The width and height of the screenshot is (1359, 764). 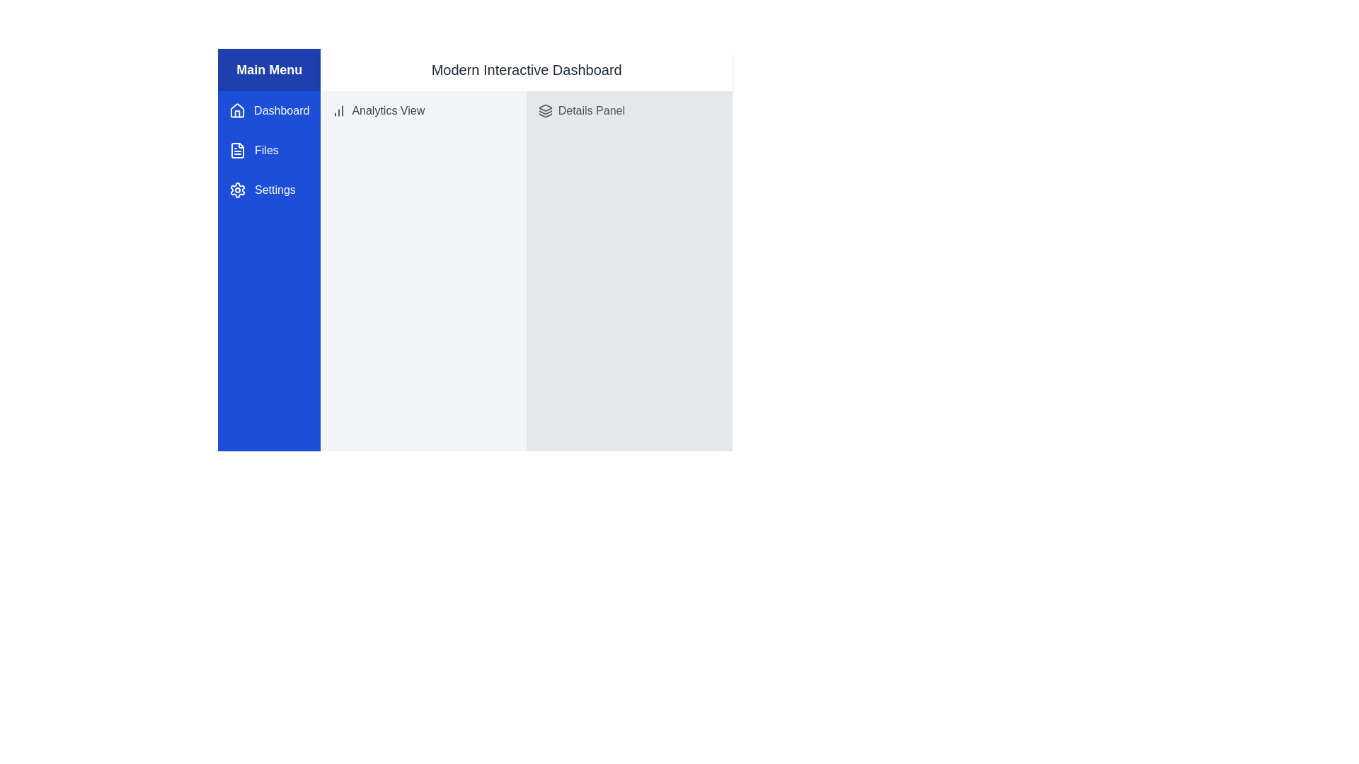 I want to click on the text label that serves as a title or header for the main dashboard interface, indicating the name or purpose of the page, so click(x=526, y=70).